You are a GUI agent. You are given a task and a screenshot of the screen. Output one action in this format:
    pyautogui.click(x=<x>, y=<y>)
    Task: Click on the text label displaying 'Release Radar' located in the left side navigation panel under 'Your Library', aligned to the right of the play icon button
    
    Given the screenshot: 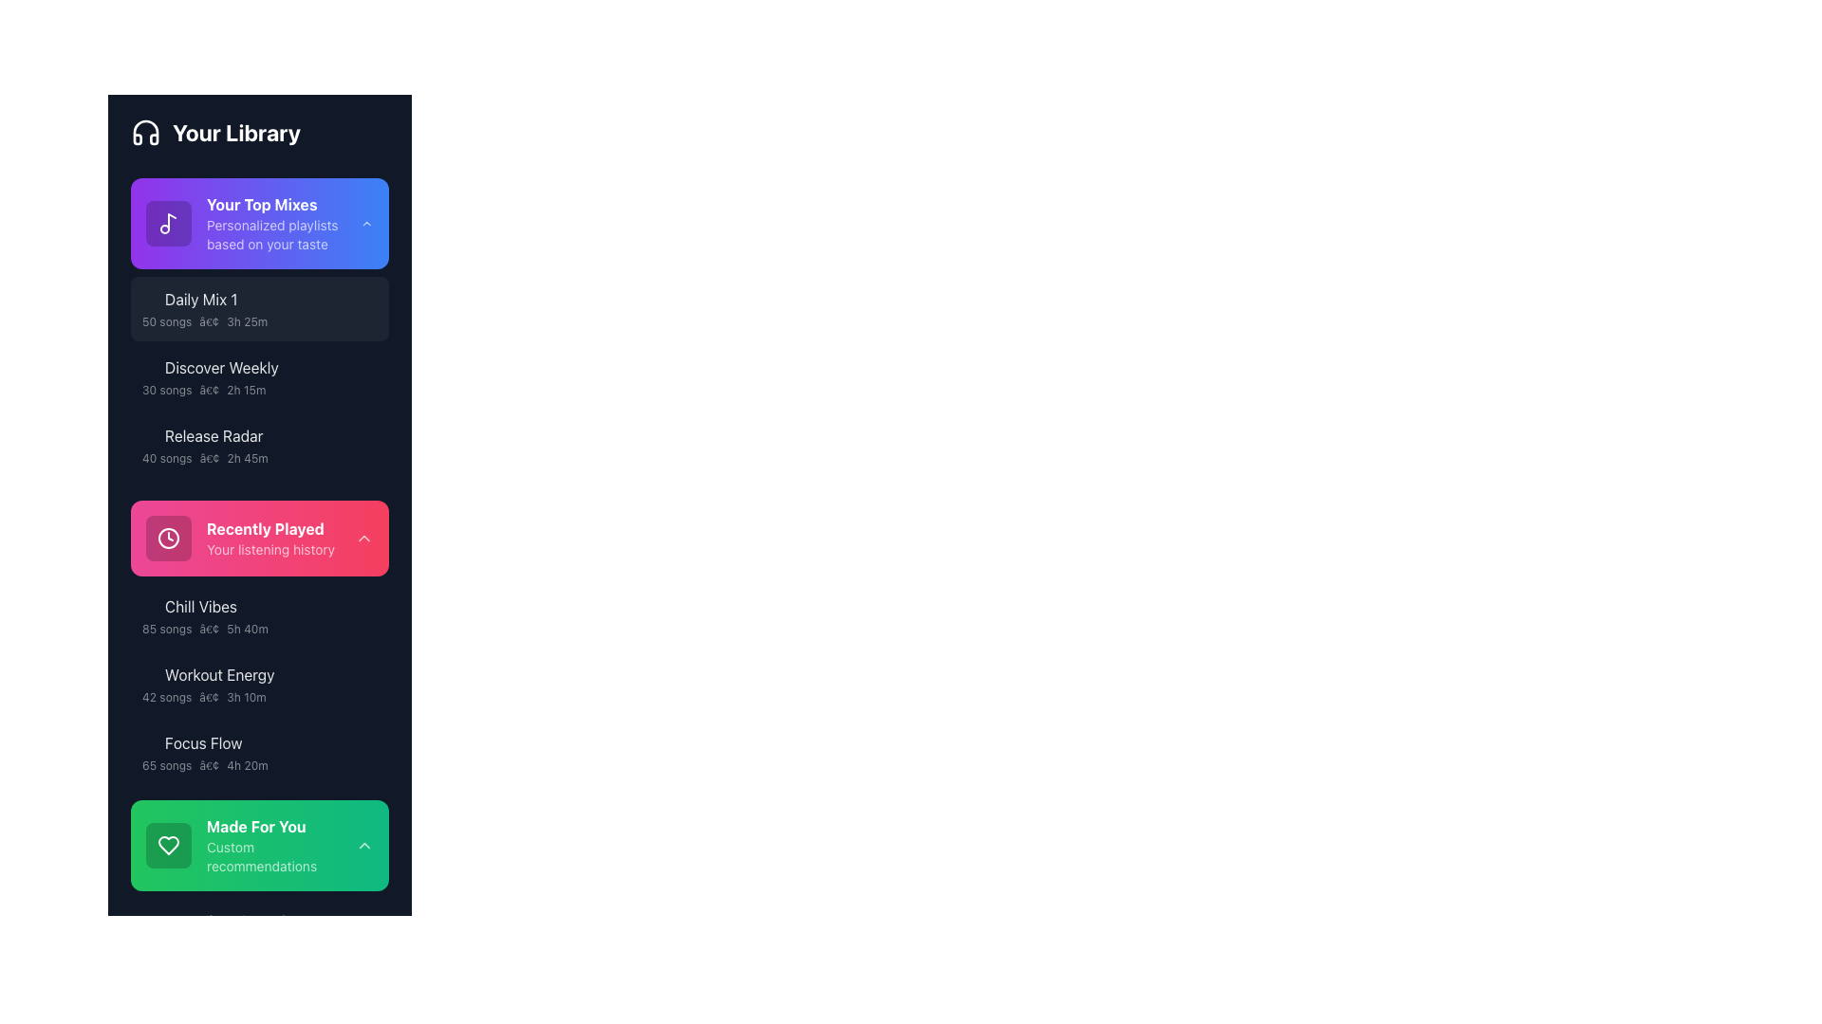 What is the action you would take?
    pyautogui.click(x=214, y=435)
    